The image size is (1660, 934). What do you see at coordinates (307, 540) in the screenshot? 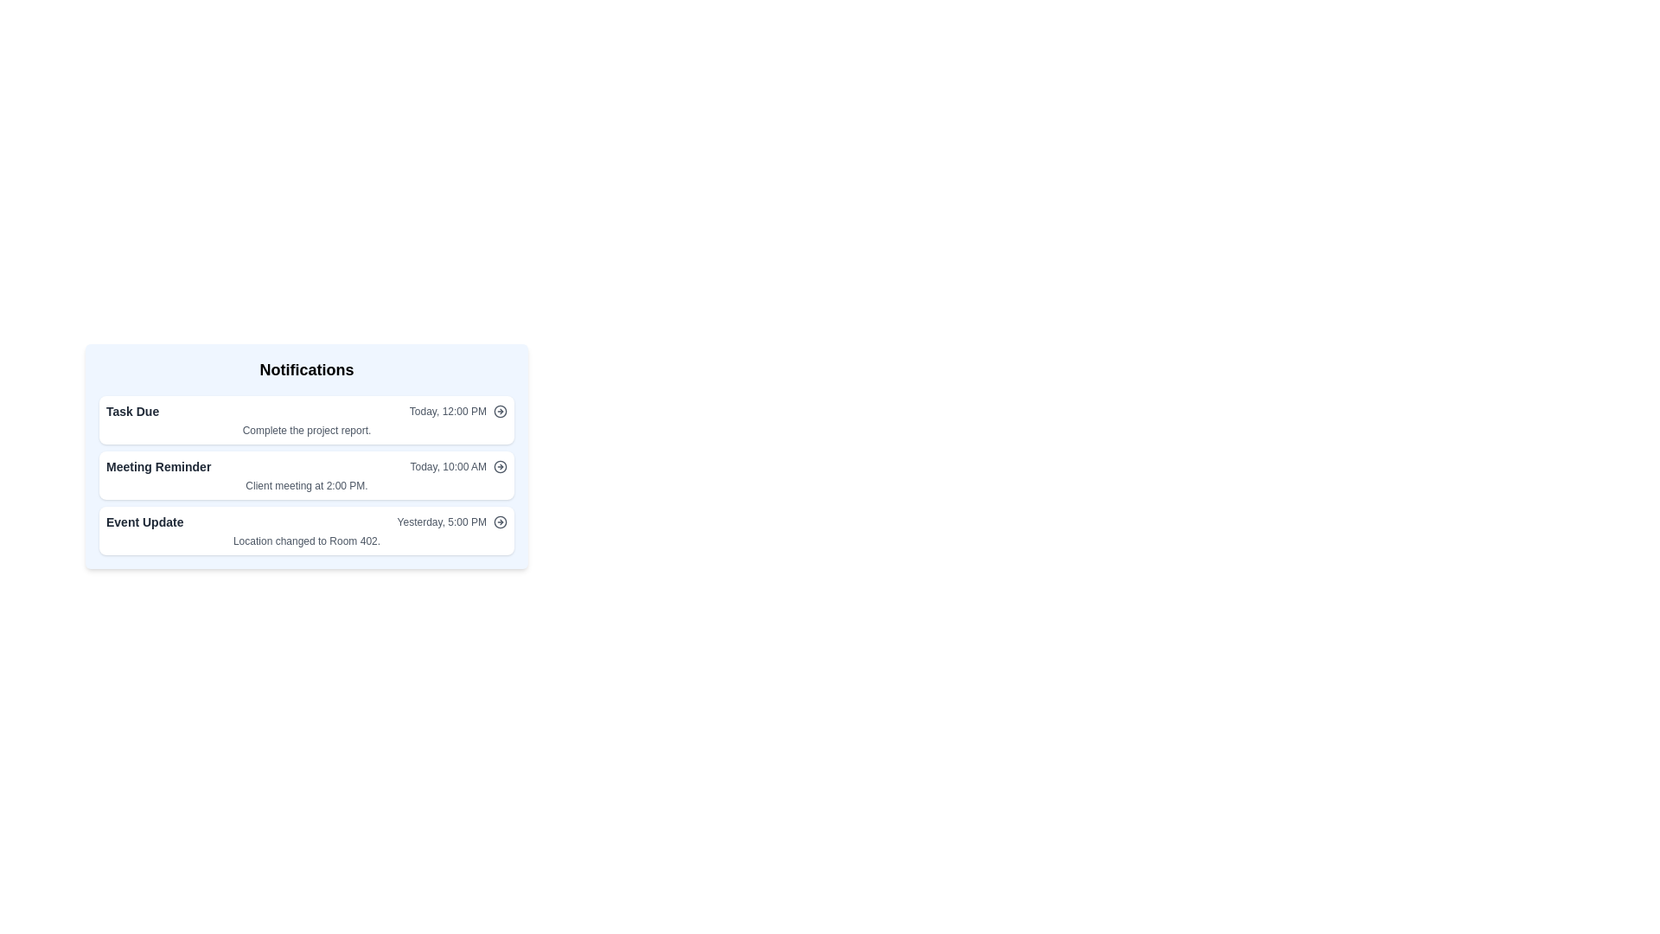
I see `the Text Label that displays additional information about the notification regarding a location change, located in the bottom notification card under the 'Notifications' section for 'Event Update'` at bounding box center [307, 540].